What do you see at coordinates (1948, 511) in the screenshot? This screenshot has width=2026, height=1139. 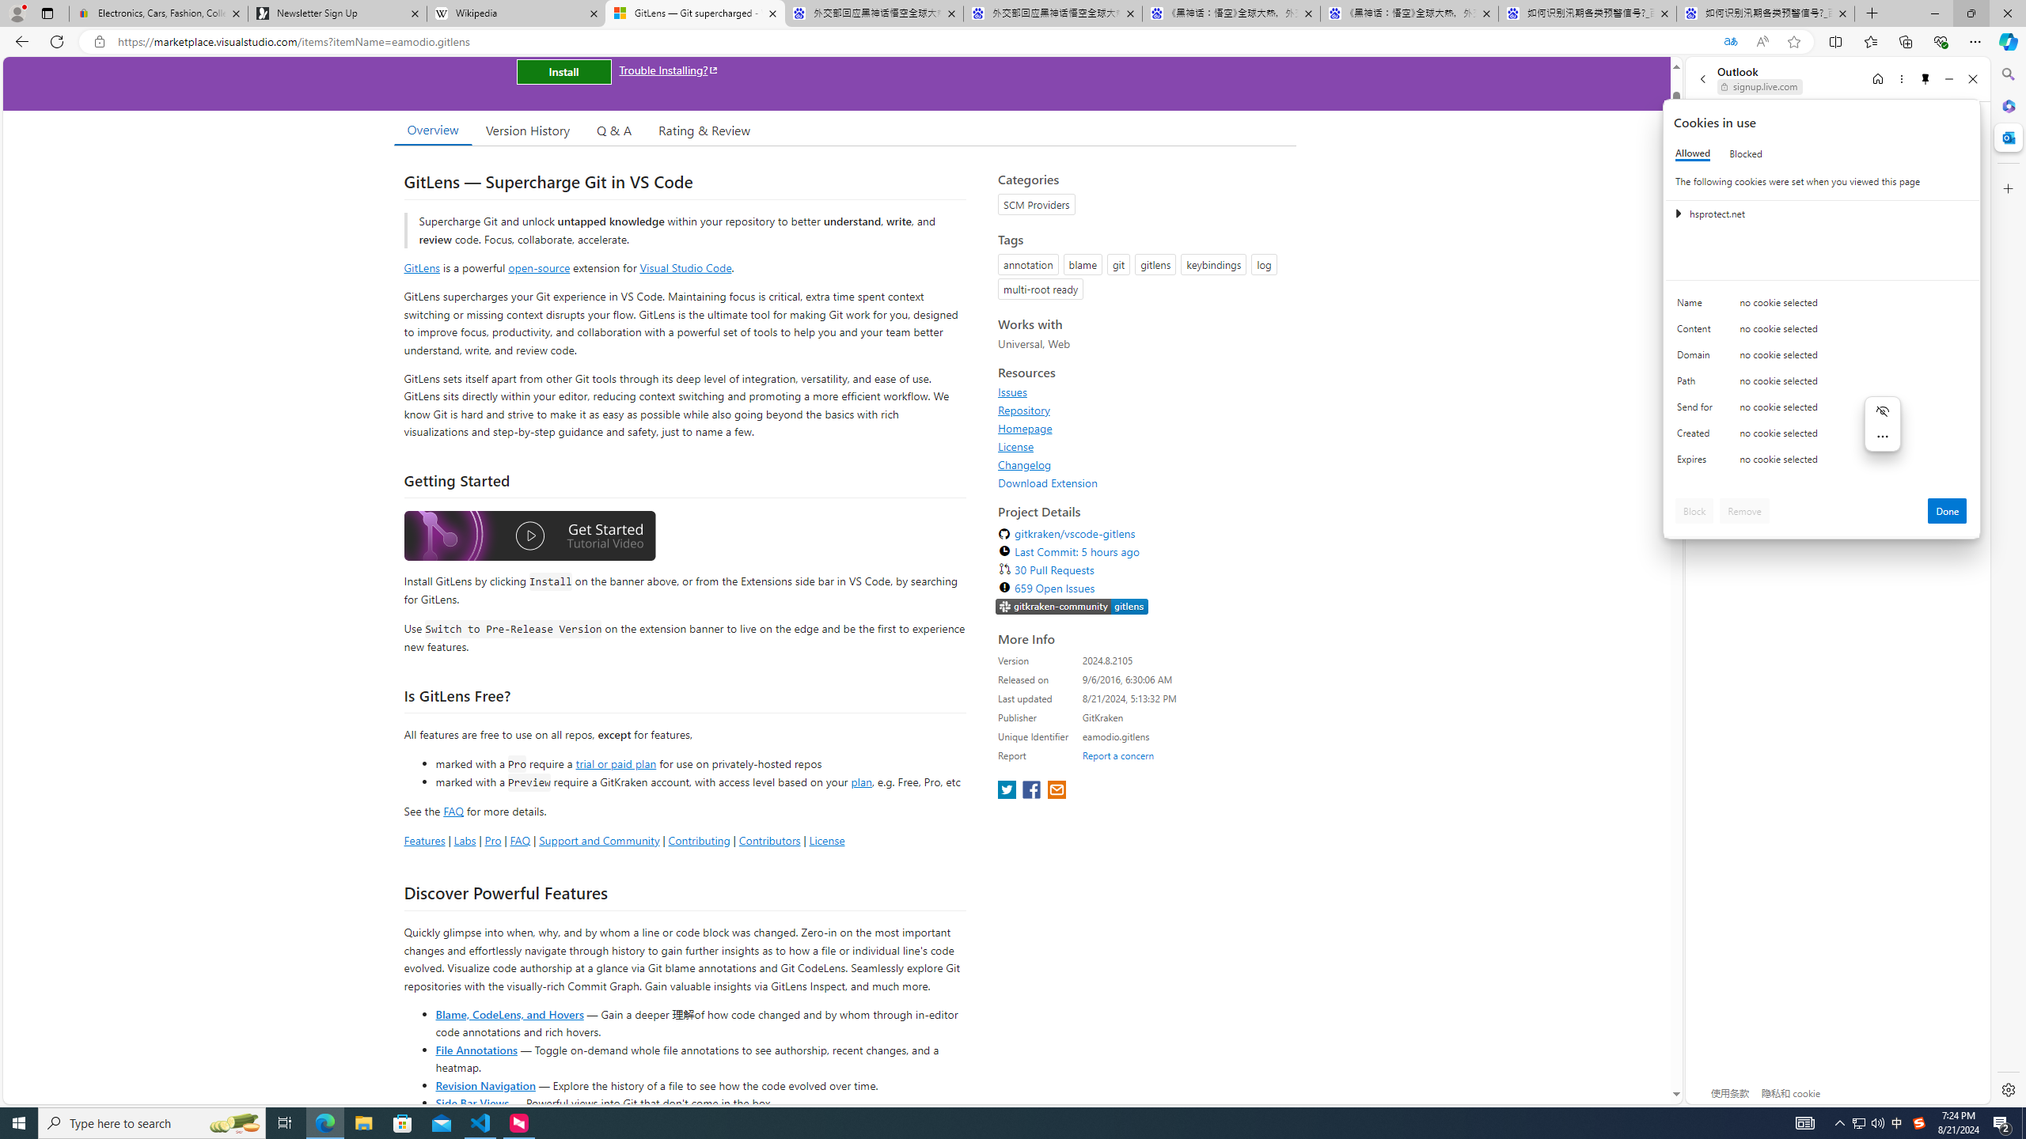 I see `'Done'` at bounding box center [1948, 511].